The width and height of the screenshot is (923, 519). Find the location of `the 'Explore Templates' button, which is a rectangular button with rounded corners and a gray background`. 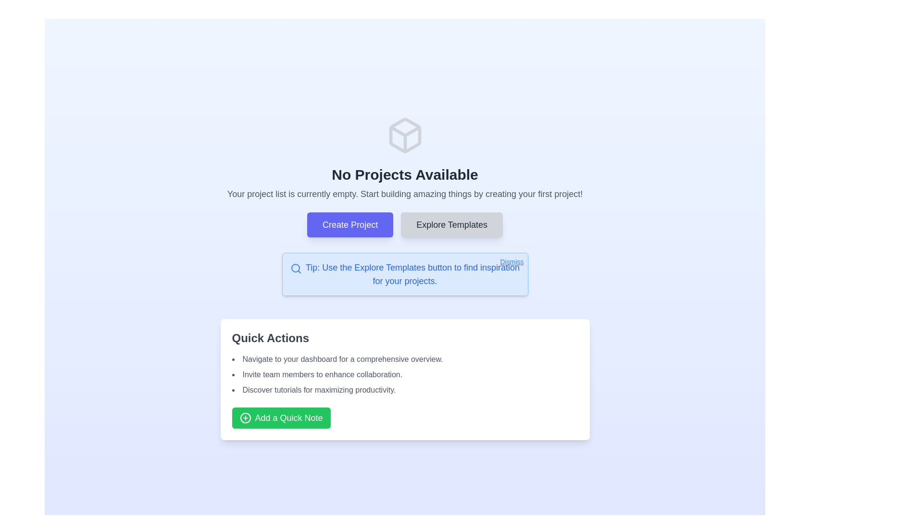

the 'Explore Templates' button, which is a rectangular button with rounded corners and a gray background is located at coordinates (451, 224).